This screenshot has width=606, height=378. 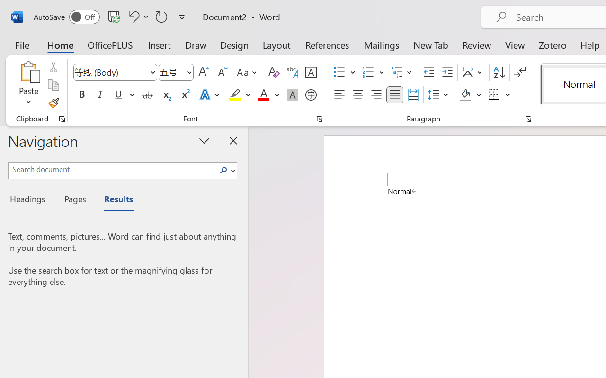 What do you see at coordinates (439, 95) in the screenshot?
I see `'Line and Paragraph Spacing'` at bounding box center [439, 95].